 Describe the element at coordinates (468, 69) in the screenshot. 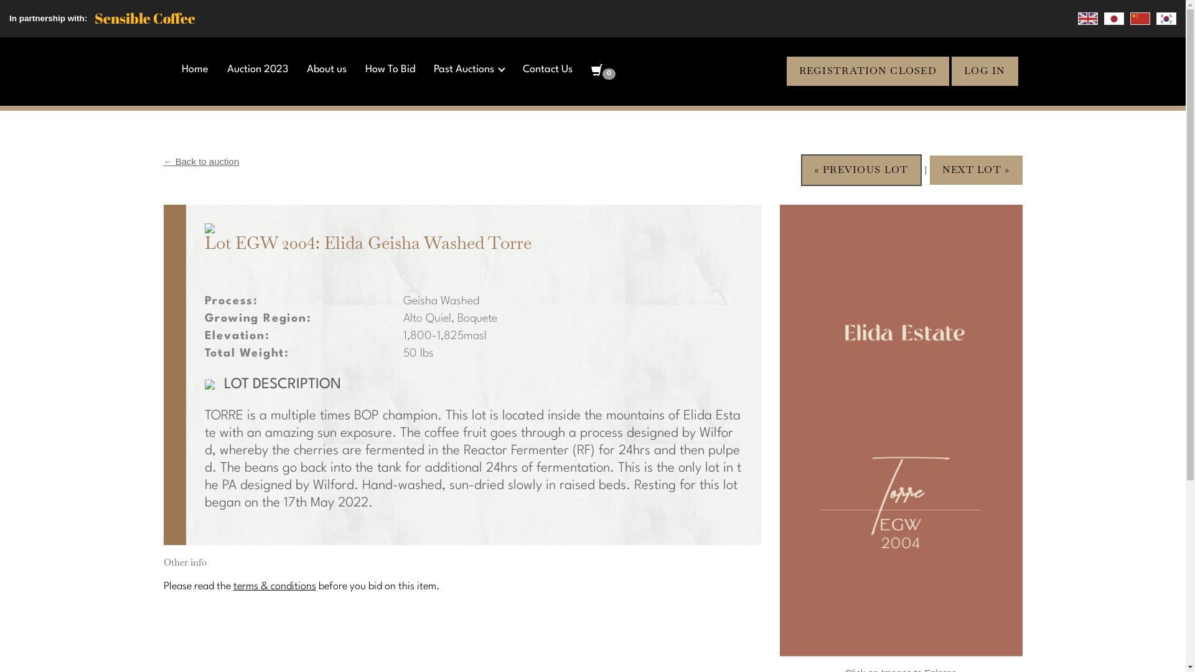

I see `'Past Auctions'` at that location.